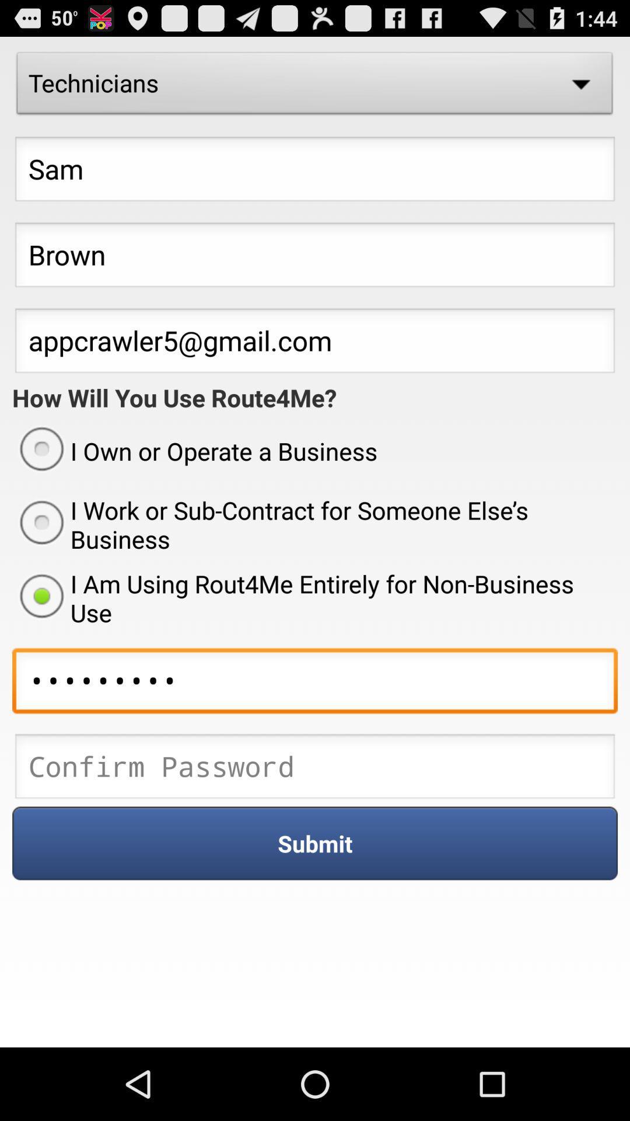 This screenshot has height=1121, width=630. What do you see at coordinates (315, 770) in the screenshot?
I see `password enter button` at bounding box center [315, 770].